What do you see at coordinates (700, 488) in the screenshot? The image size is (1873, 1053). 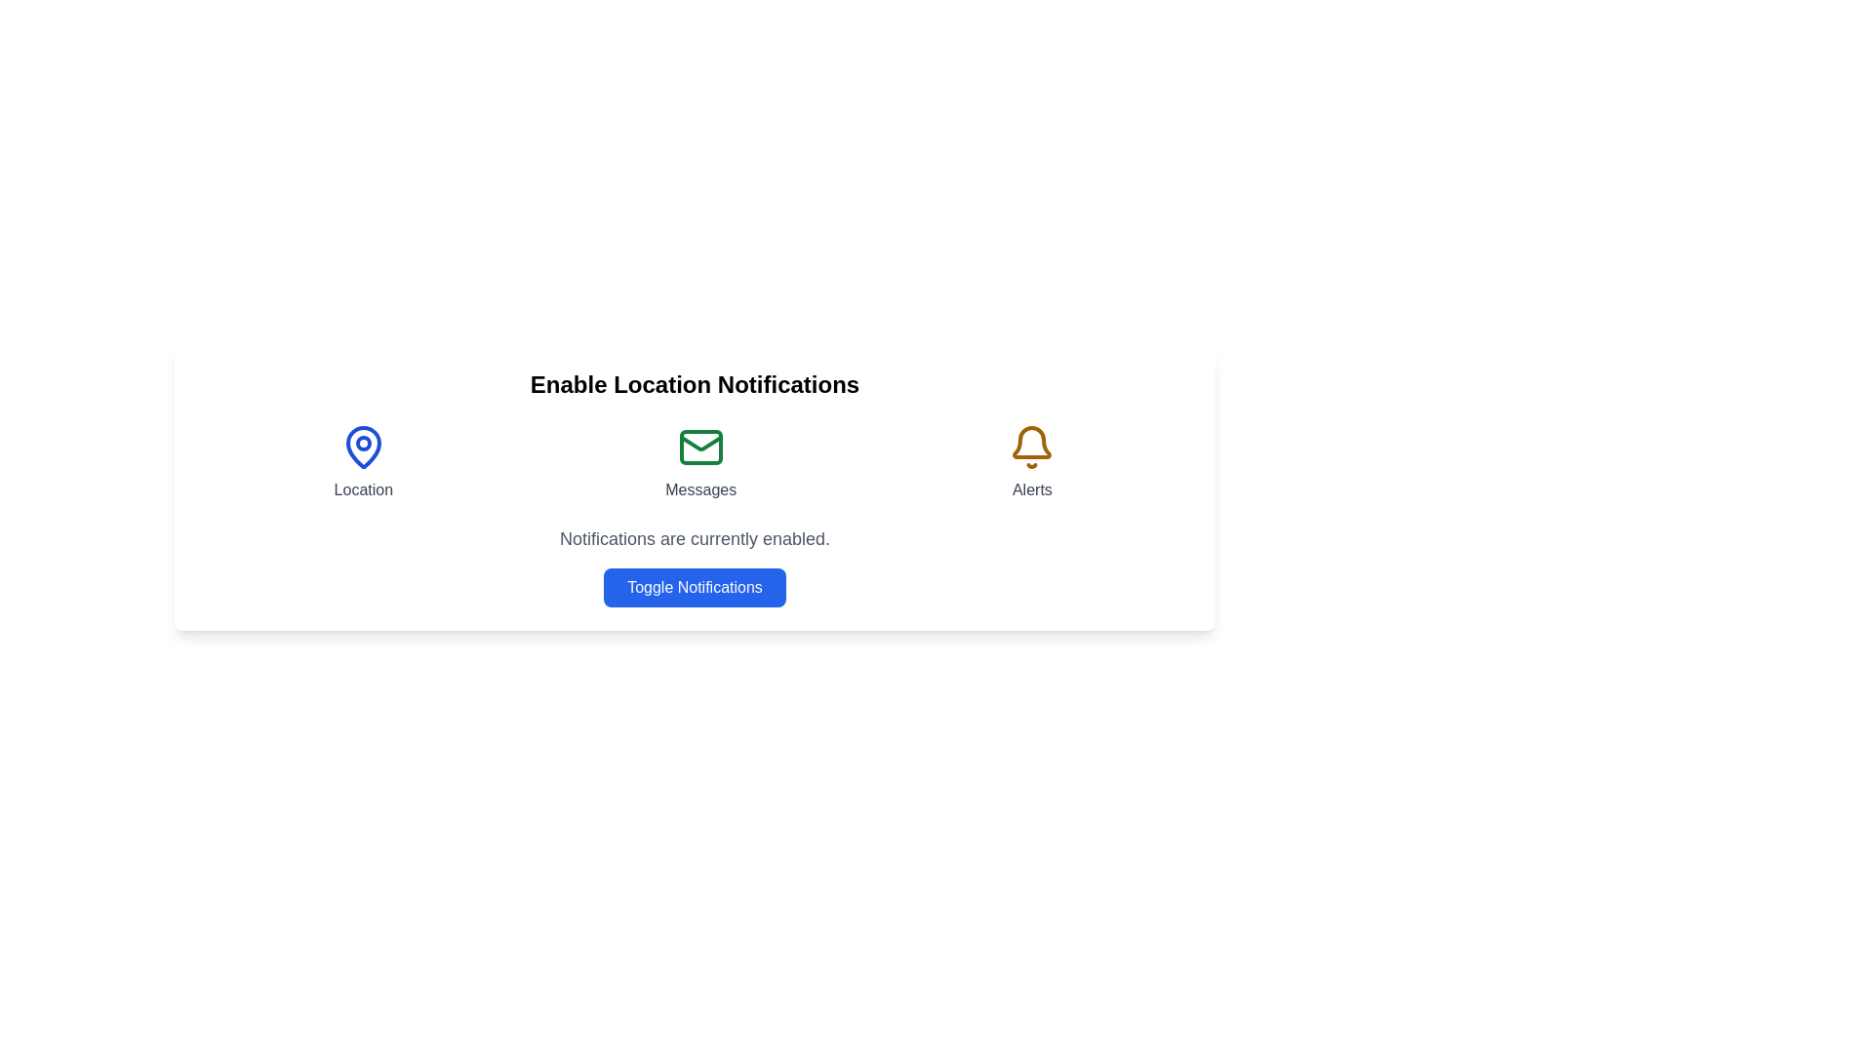 I see `text from the 'Messages' label, which is styled in gray and located below a green mail icon in a horizontal layout of notification options` at bounding box center [700, 488].